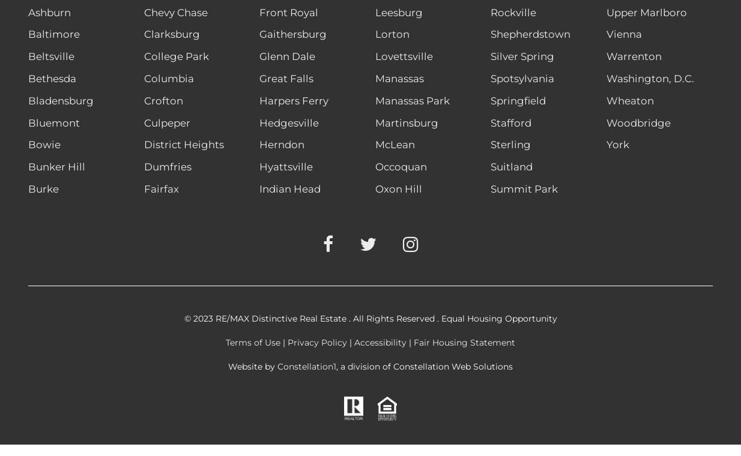 The height and width of the screenshot is (456, 741). I want to click on 'Wheaton', so click(629, 100).